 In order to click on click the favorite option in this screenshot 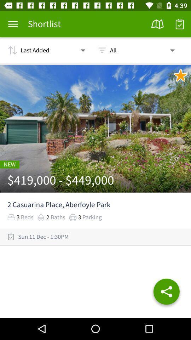, I will do `click(180, 75)`.